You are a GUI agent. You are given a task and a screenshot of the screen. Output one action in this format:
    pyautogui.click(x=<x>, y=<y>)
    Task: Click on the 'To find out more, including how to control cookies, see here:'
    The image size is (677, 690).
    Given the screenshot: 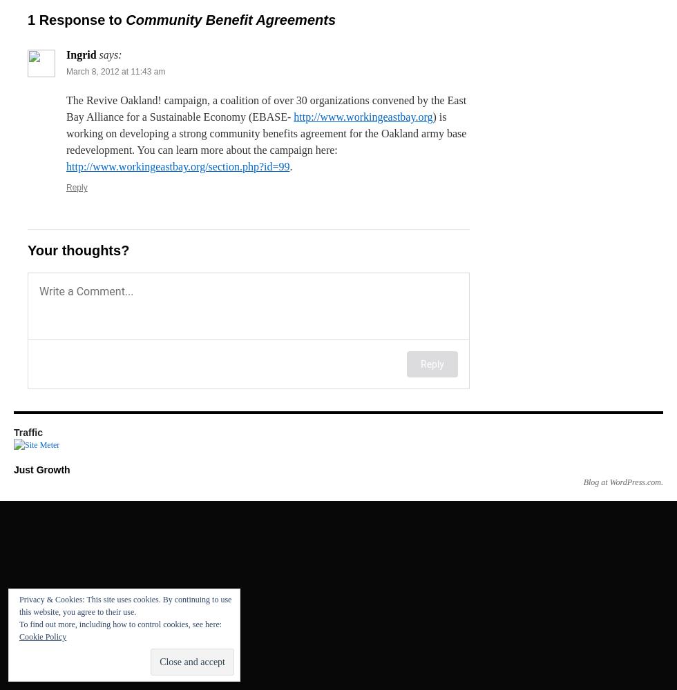 What is the action you would take?
    pyautogui.click(x=120, y=624)
    